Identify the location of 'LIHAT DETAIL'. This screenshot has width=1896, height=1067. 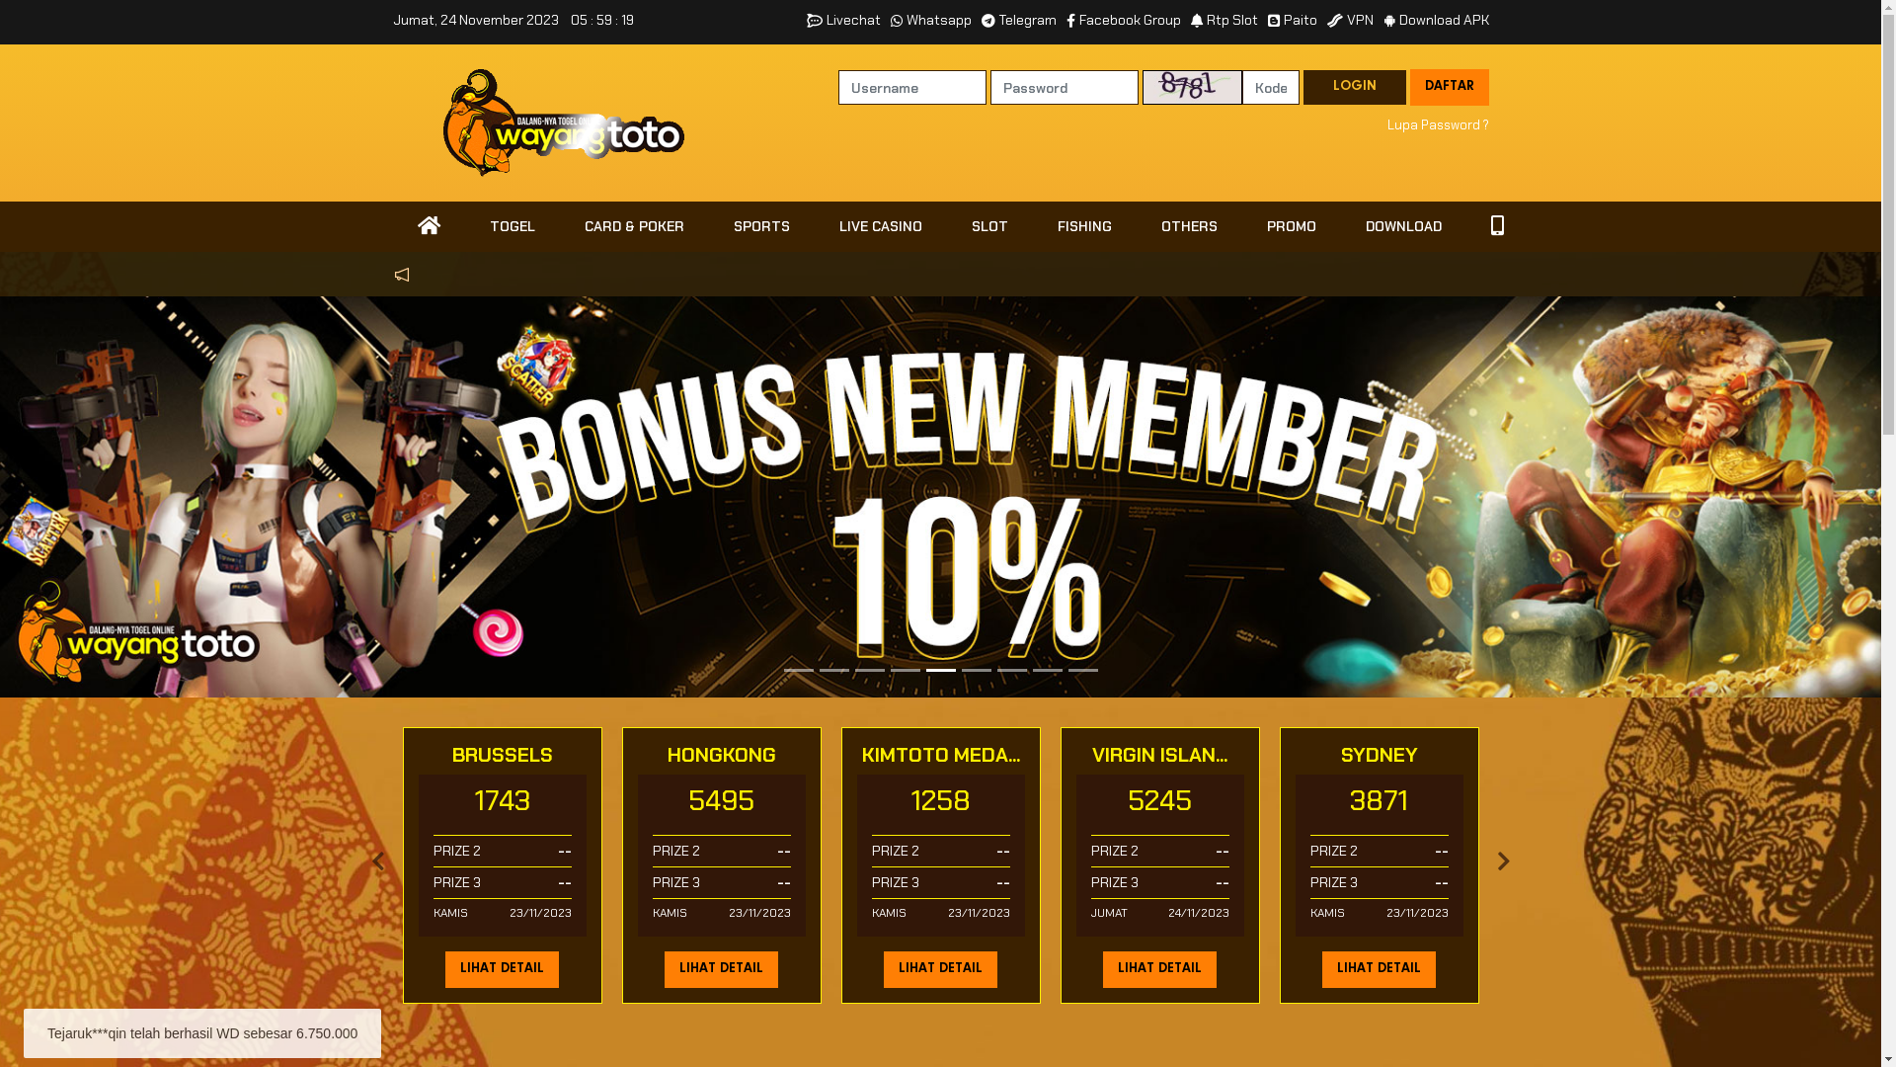
(502, 968).